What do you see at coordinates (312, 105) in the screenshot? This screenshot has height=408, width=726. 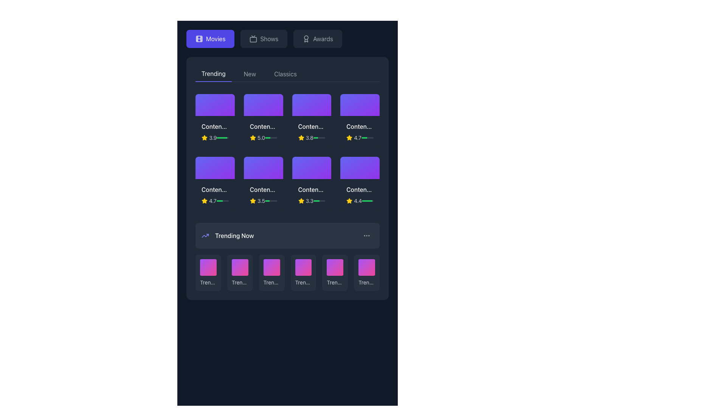 I see `the Interactive media thumbnail located in the top row under 'Trending', third from the left, which has a play button overlay and is part of the card for 'Content Title 3' with a star rating of 3.8` at bounding box center [312, 105].